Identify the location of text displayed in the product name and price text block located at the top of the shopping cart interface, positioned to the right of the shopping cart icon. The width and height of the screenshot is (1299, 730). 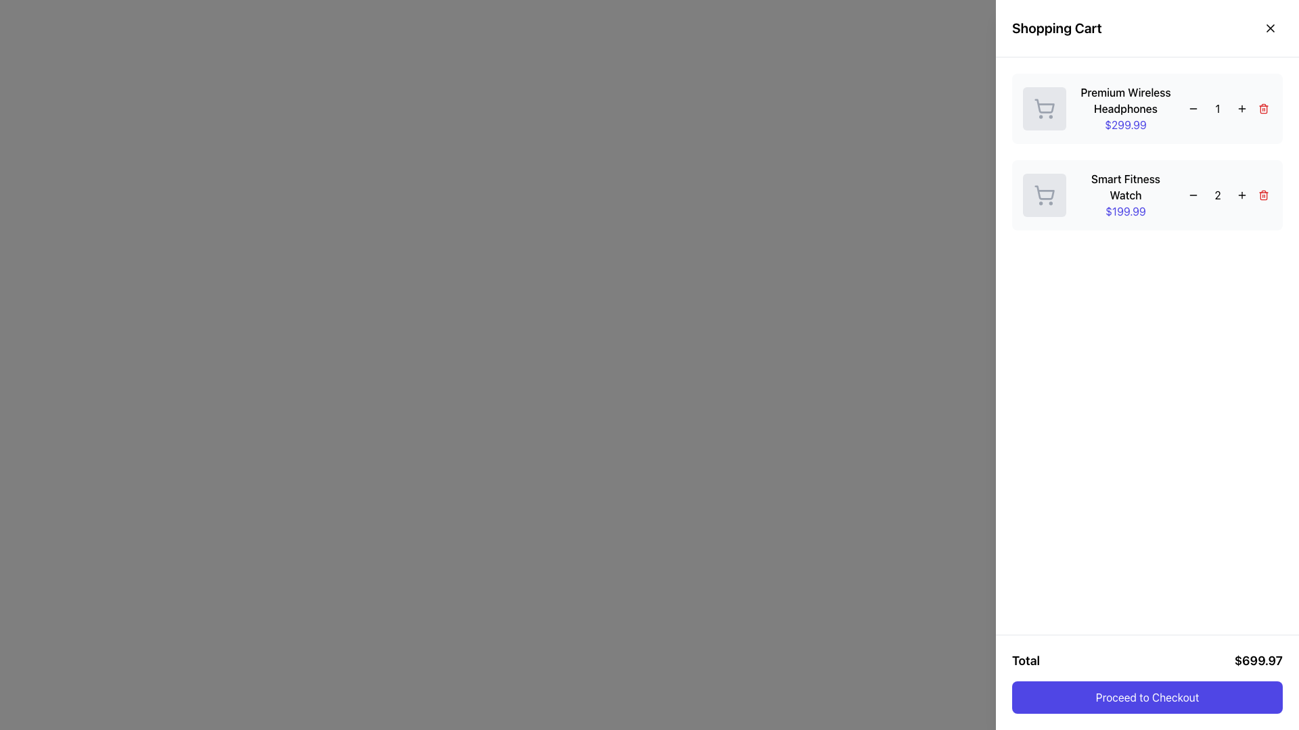
(1126, 108).